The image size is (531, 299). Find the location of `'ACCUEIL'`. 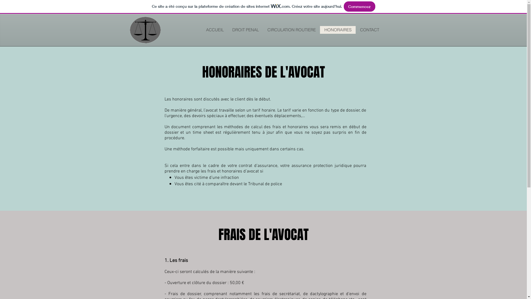

'ACCUEIL' is located at coordinates (214, 30).